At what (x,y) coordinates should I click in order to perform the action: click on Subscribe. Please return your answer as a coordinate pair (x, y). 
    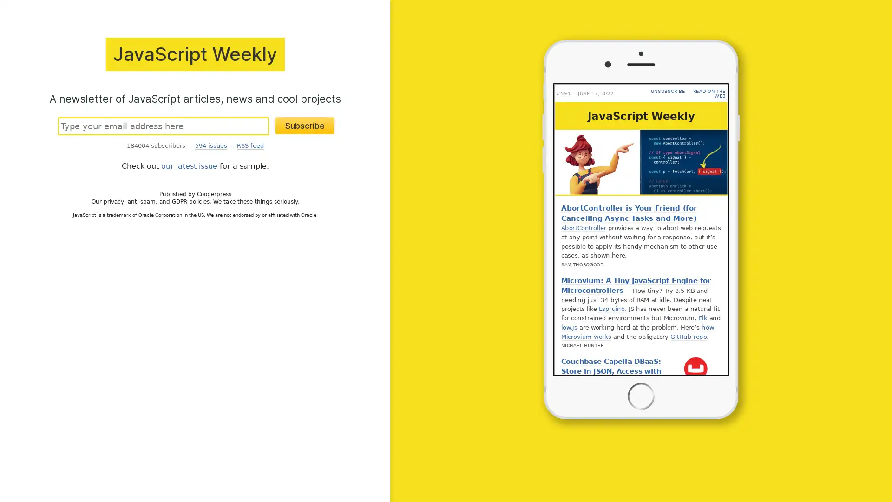
    Looking at the image, I should click on (305, 125).